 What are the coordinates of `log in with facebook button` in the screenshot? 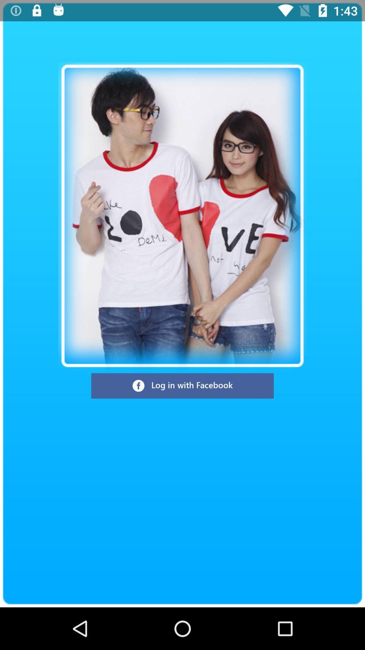 It's located at (182, 386).